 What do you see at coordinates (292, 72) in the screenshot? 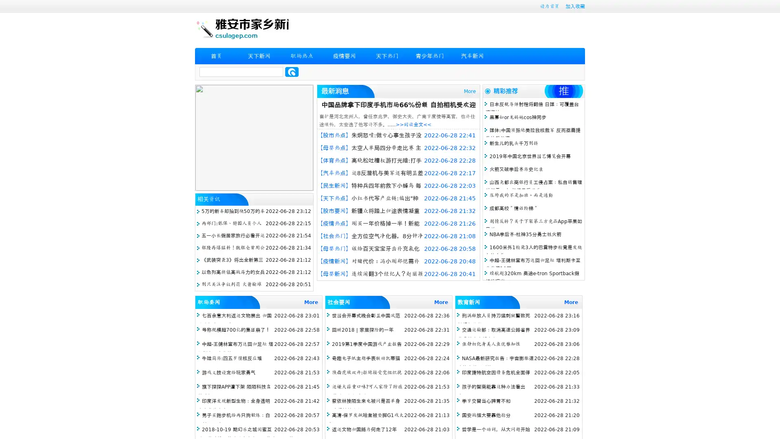
I see `Search` at bounding box center [292, 72].